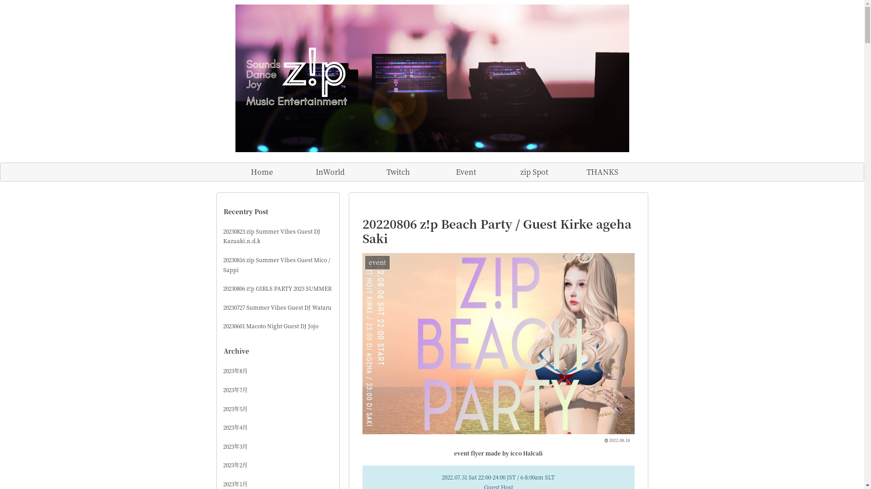 This screenshot has height=489, width=871. Describe the element at coordinates (398, 172) in the screenshot. I see `'Twitch'` at that location.